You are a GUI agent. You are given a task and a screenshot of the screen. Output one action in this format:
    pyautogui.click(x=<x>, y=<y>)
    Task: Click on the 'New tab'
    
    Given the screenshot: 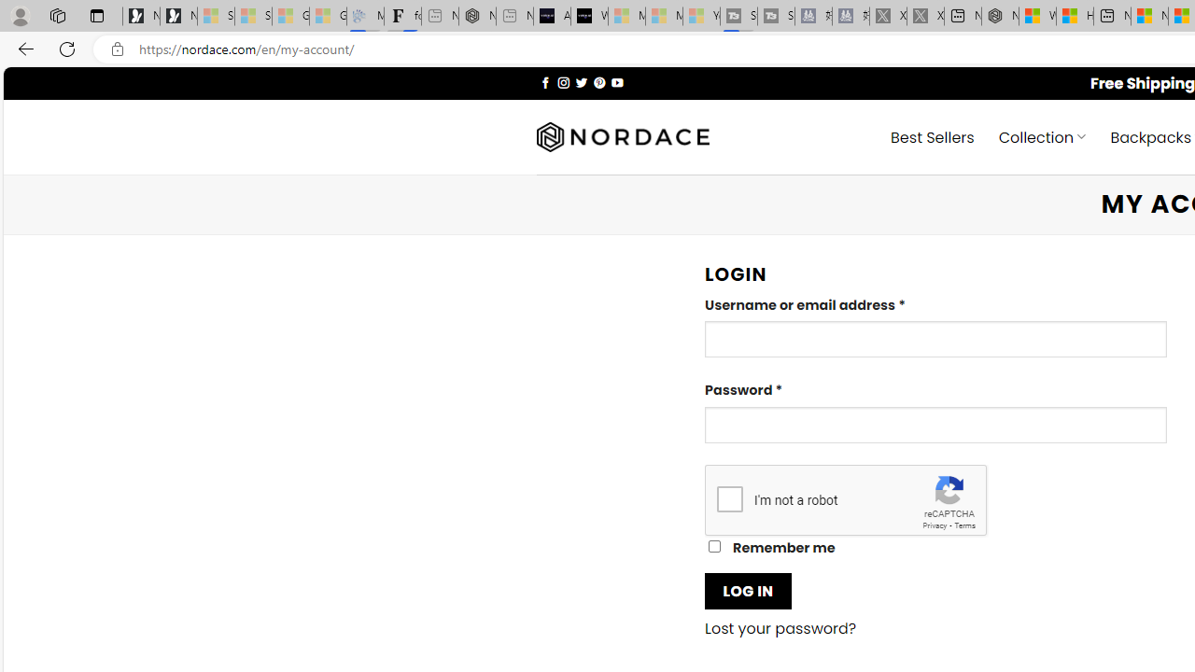 What is the action you would take?
    pyautogui.click(x=1112, y=16)
    